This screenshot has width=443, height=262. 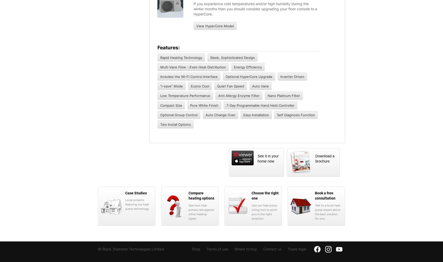 I want to click on 'Rapid Heating Technology', so click(x=181, y=57).